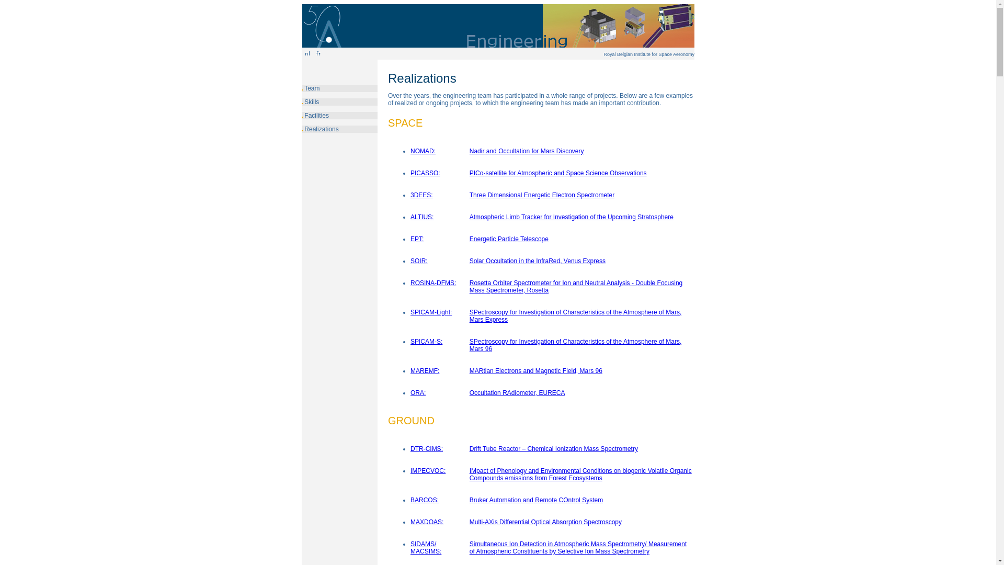 This screenshot has height=565, width=1004. I want to click on 'Energetic Particle Telescope', so click(509, 239).